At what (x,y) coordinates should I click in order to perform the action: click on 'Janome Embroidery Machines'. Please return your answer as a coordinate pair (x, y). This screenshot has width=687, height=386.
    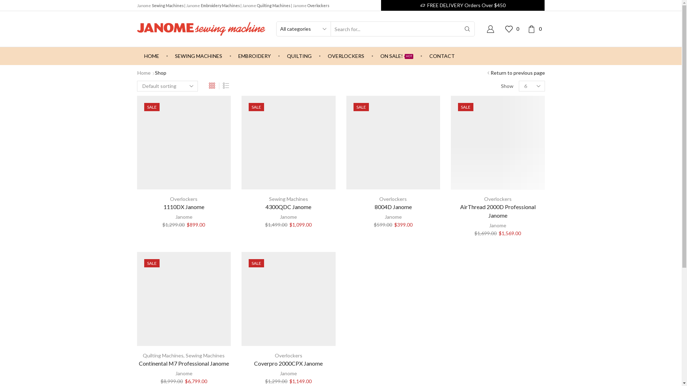
    Looking at the image, I should click on (213, 5).